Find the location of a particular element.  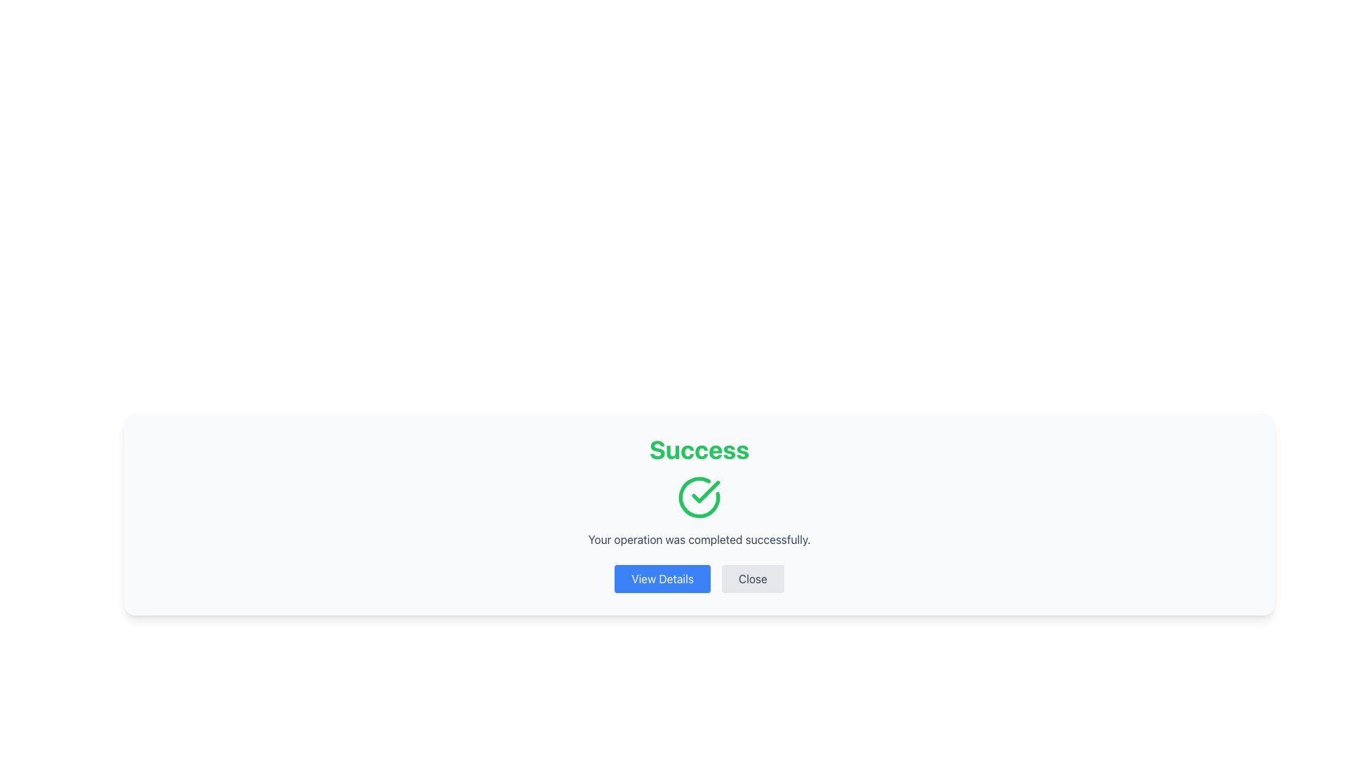

the 'Close' button, which is a rounded button with a light gray background and dark gray text, to observe its hover effect is located at coordinates (752, 579).